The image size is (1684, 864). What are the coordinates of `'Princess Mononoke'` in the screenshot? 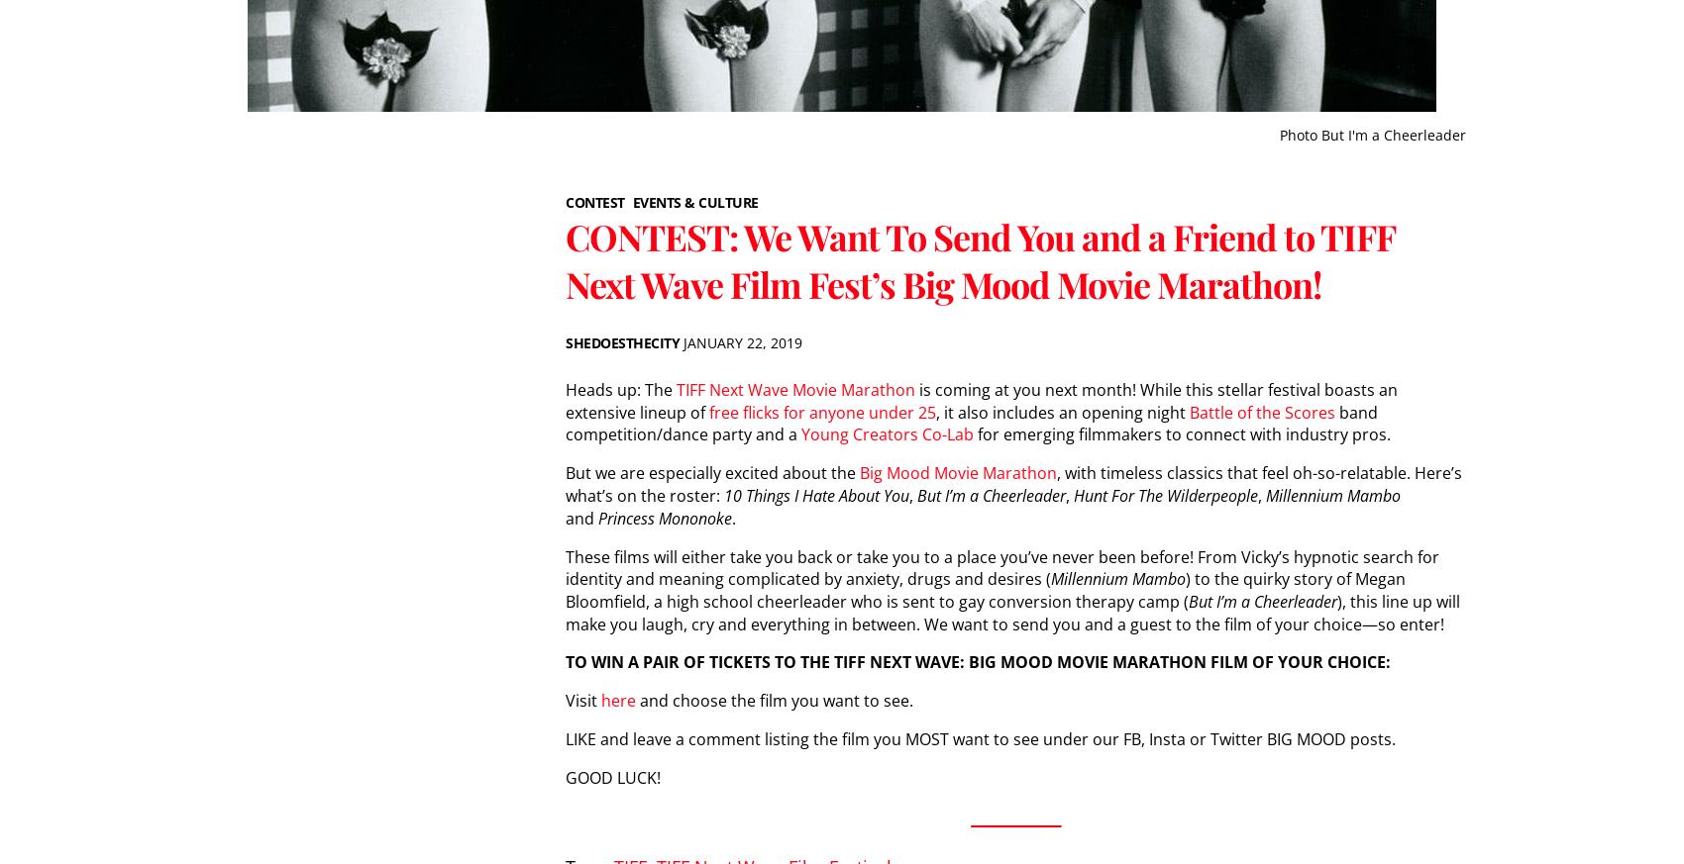 It's located at (665, 518).